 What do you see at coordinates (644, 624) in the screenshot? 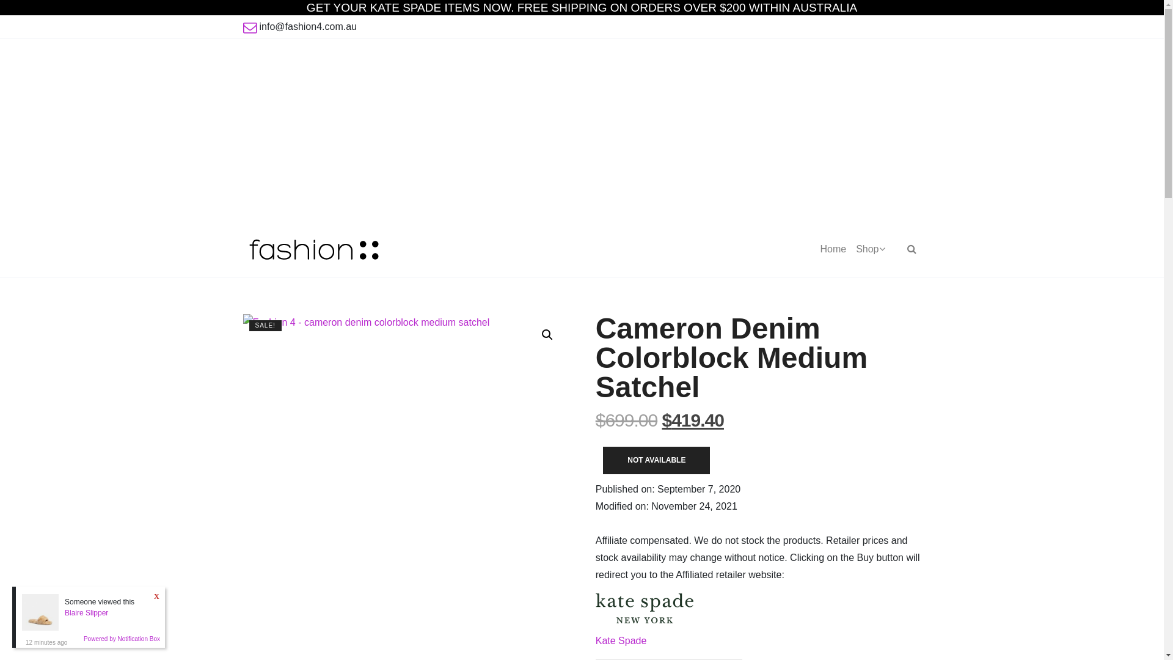
I see `'Kate Spade'` at bounding box center [644, 624].